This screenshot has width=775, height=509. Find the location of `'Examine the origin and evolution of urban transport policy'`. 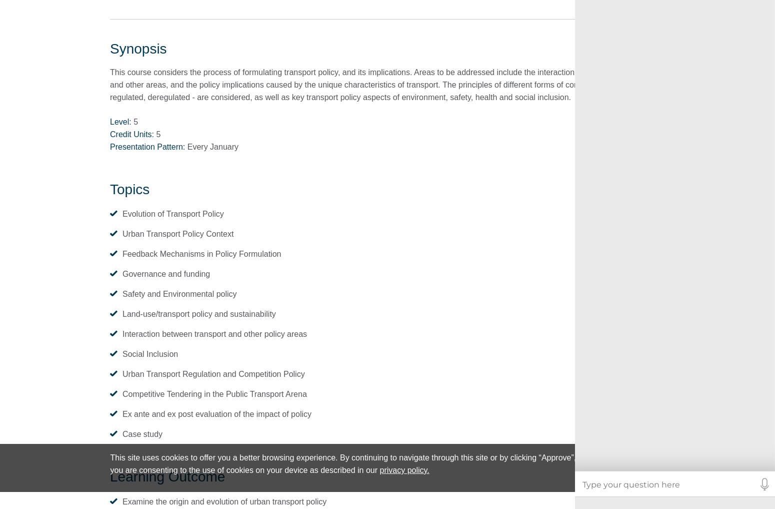

'Examine the origin and evolution of urban transport policy' is located at coordinates (224, 501).